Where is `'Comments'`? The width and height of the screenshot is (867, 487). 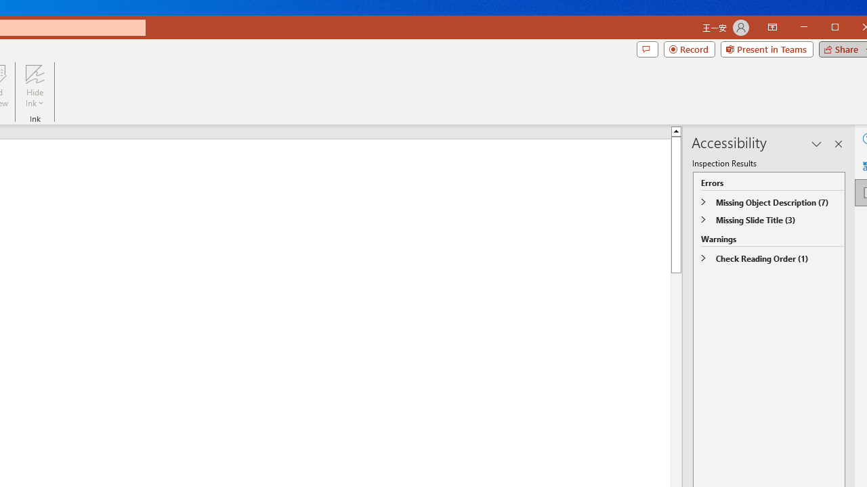
'Comments' is located at coordinates (646, 49).